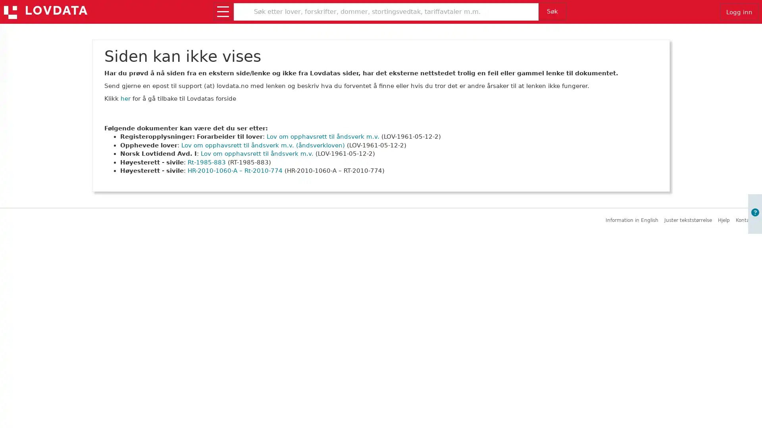 The width and height of the screenshot is (762, 428). What do you see at coordinates (552, 11) in the screenshot?
I see `Sk` at bounding box center [552, 11].